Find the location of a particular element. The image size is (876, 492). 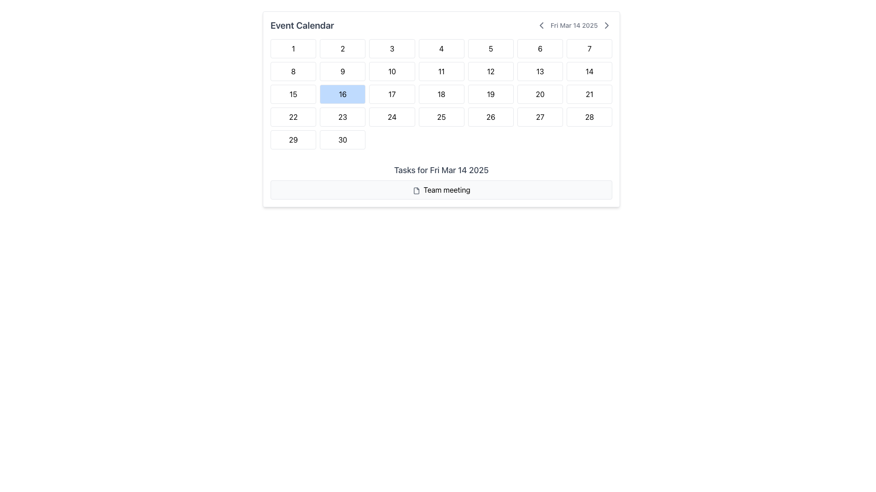

the small chevron-shaped icon forming a right arrow located at the top-right of the interface, adjacent to the date label 'Fri Mar 14 2025' is located at coordinates (606, 25).